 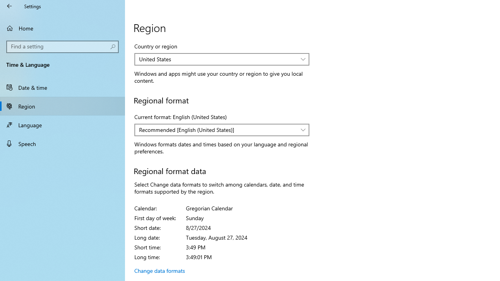 What do you see at coordinates (218, 129) in the screenshot?
I see `'Recommended [English (United States)]'` at bounding box center [218, 129].